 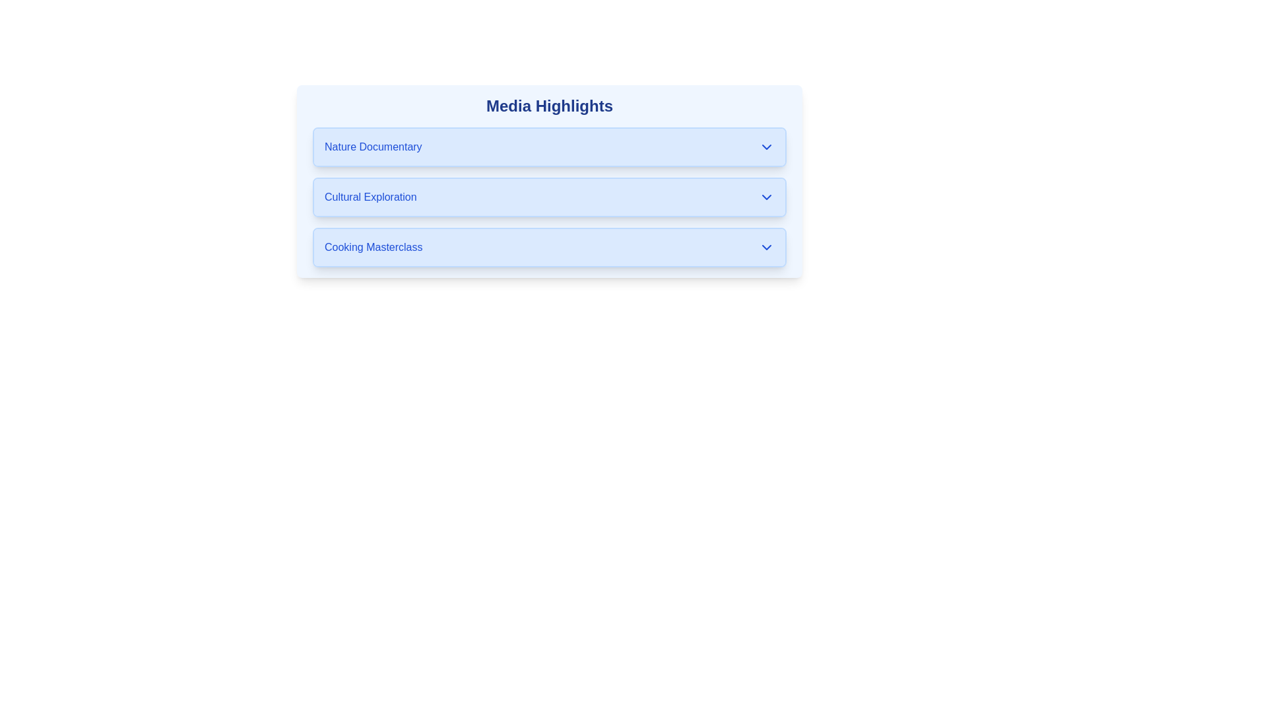 I want to click on the first button in the 'Media Highlights' card to change its background color, so click(x=550, y=147).